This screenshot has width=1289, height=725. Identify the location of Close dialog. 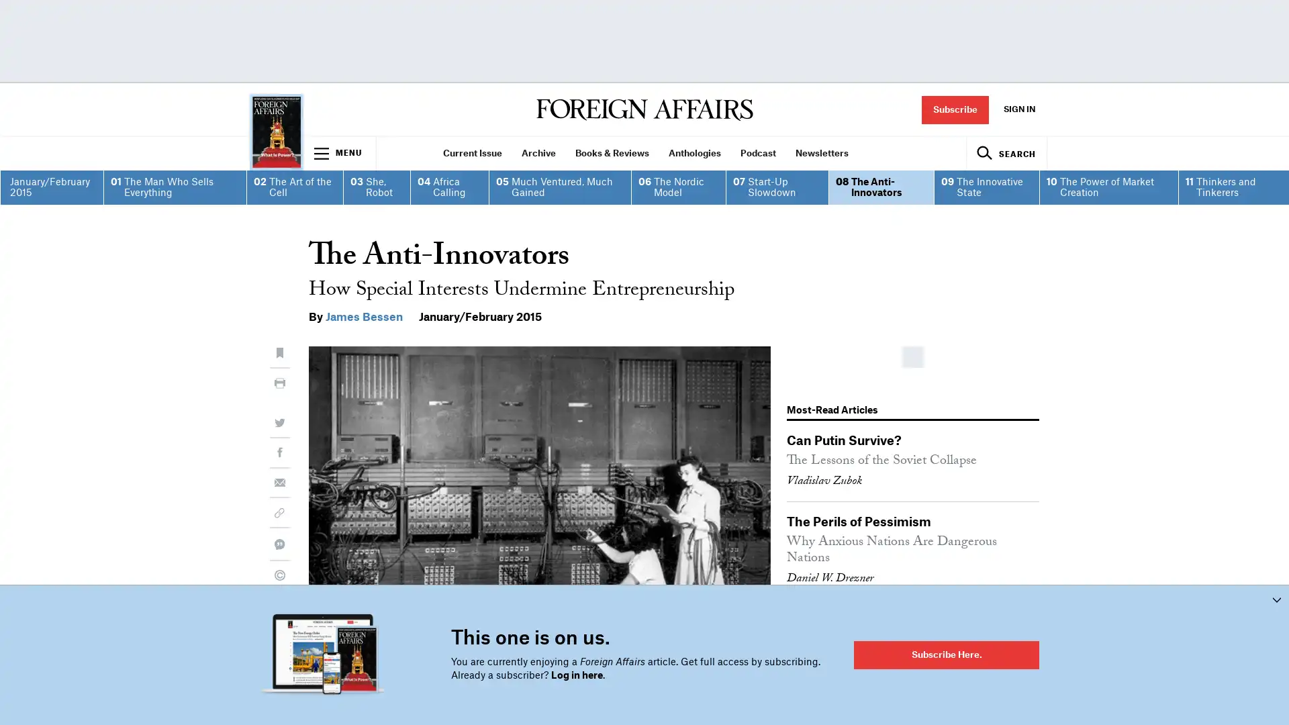
(867, 179).